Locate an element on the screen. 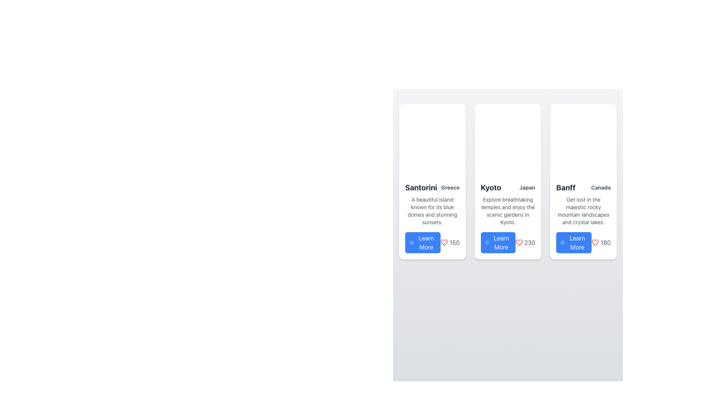  the Text Display element that shows the location name 'Santorini' and its country 'Greece', located at the upper part of the first tile in a grid layout is located at coordinates (432, 187).